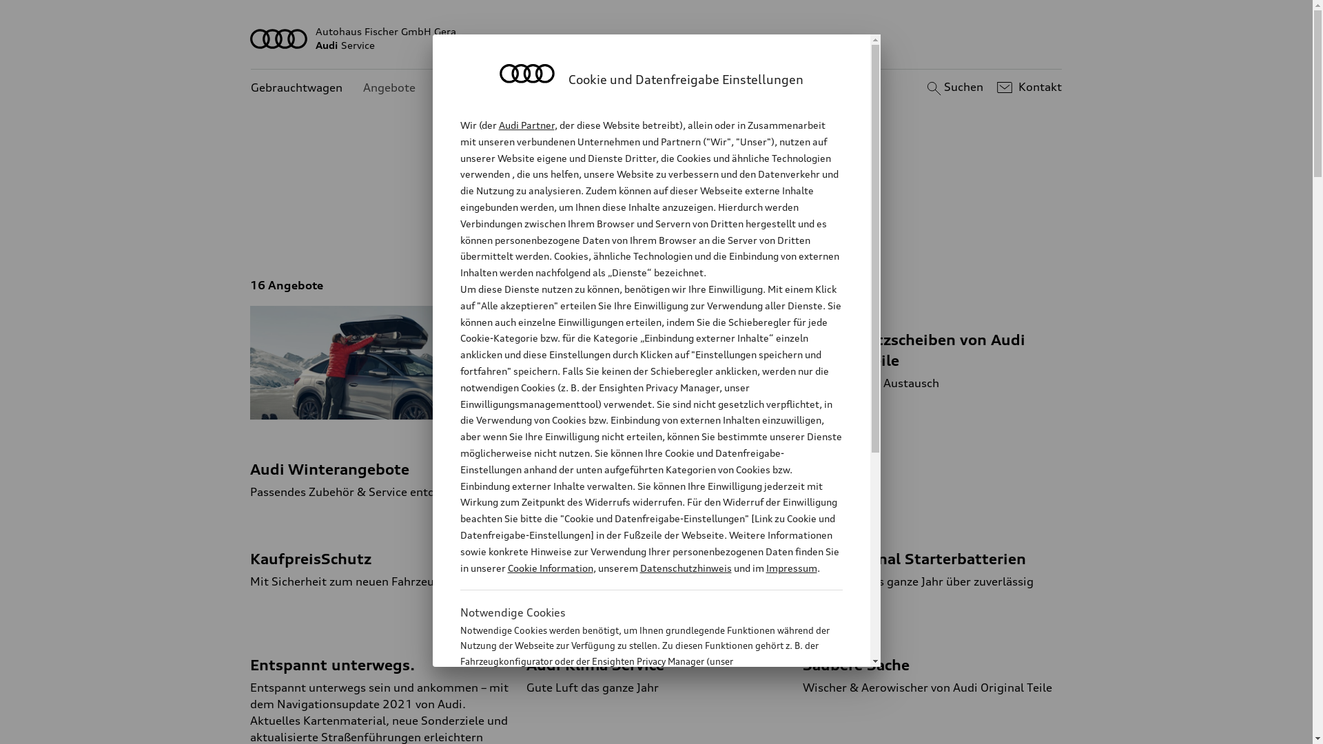  Describe the element at coordinates (475, 87) in the screenshot. I see `'Kundenservice'` at that location.